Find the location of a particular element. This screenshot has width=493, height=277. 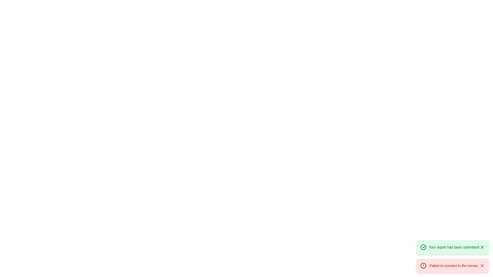

the close button located at the top-right corner of the red alert box that contains the message 'Failed to connect to the server.' is located at coordinates (482, 265).